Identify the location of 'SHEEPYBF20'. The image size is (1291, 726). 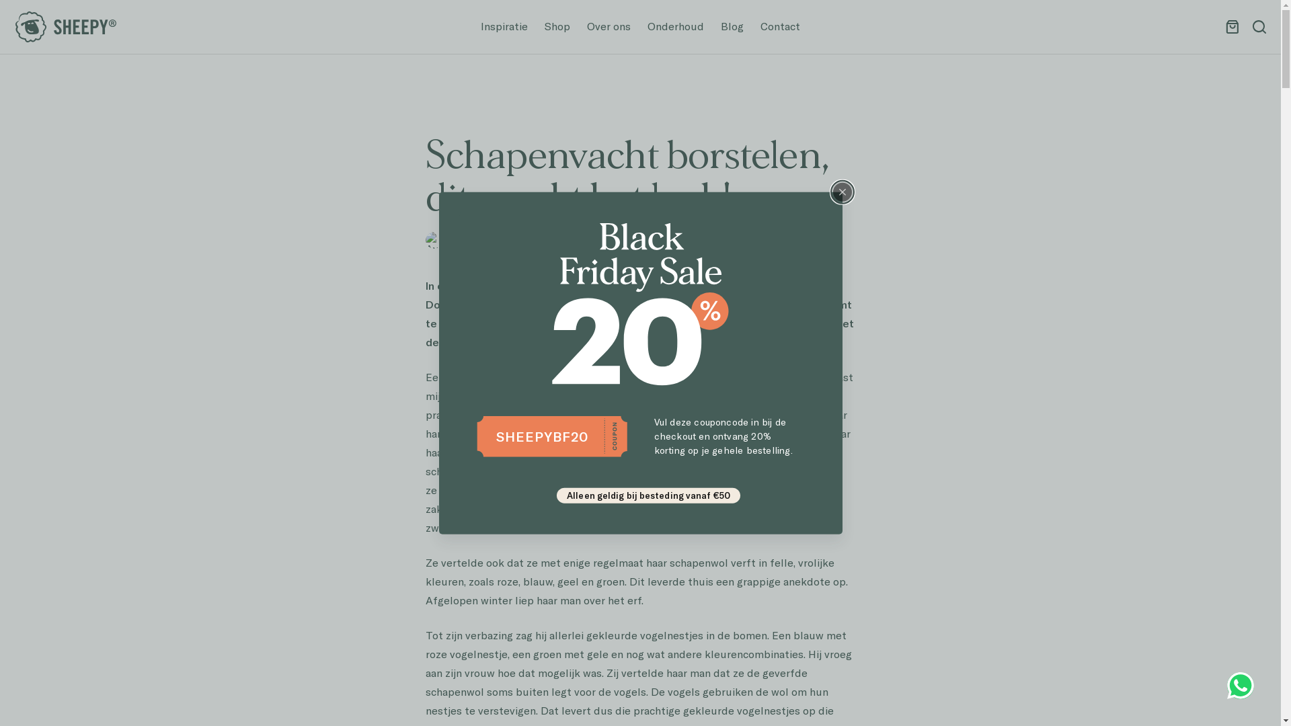
(542, 436).